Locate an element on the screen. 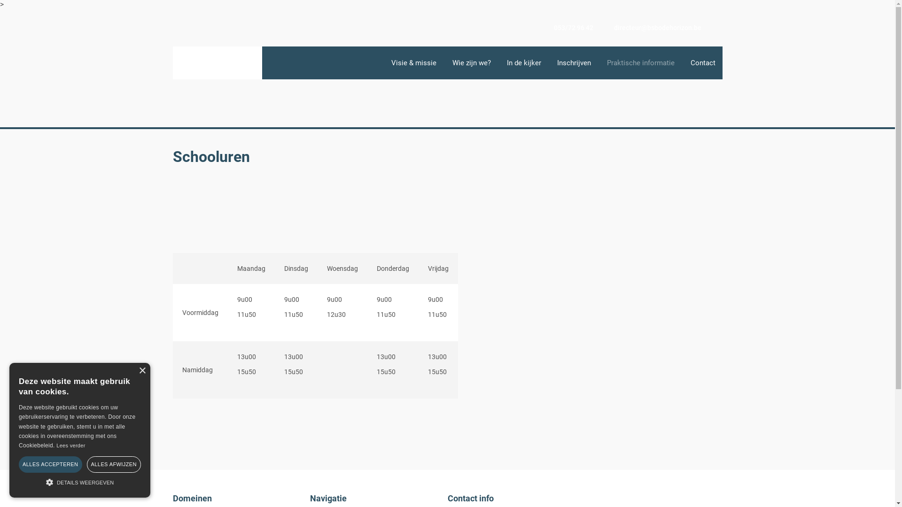 This screenshot has width=902, height=507. 'Visie & missie' is located at coordinates (413, 63).